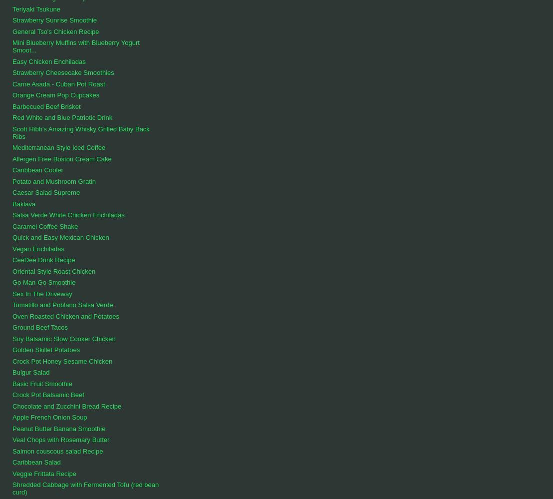  What do you see at coordinates (12, 259) in the screenshot?
I see `'CeeDee Drink Recipe'` at bounding box center [12, 259].